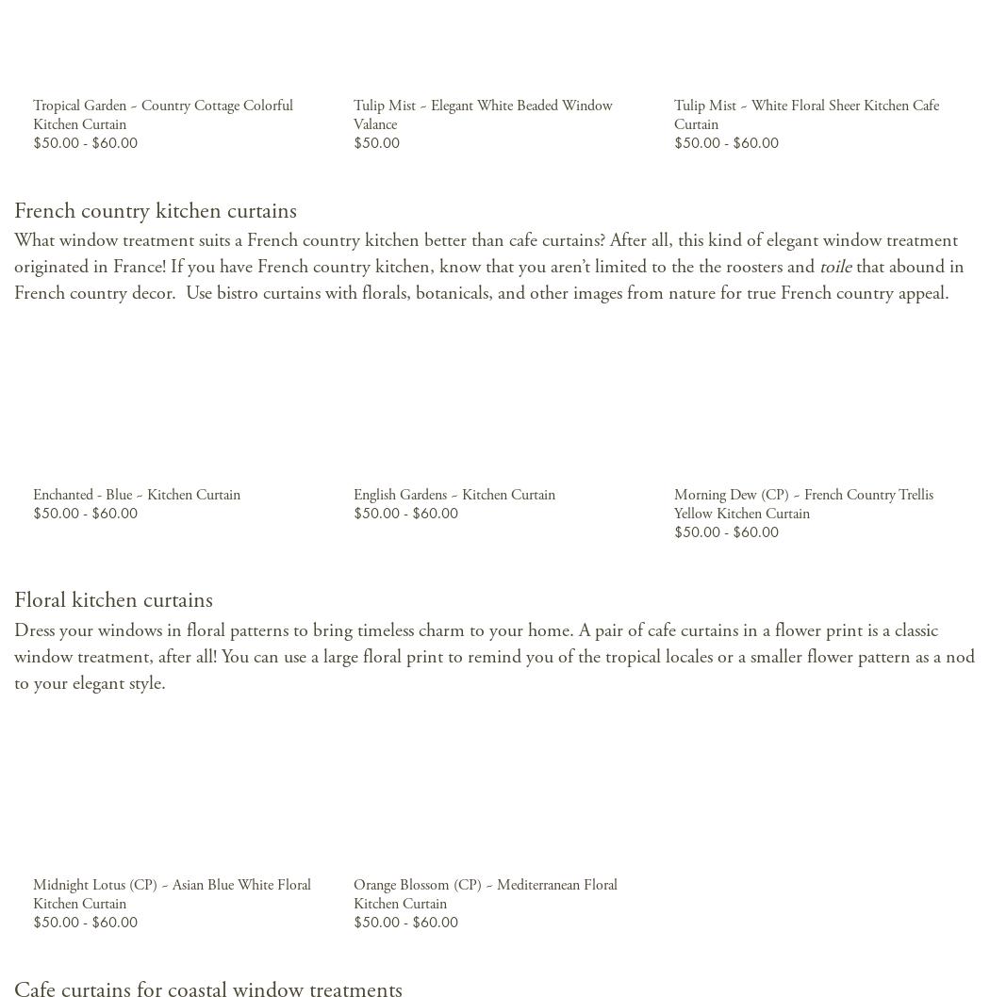  Describe the element at coordinates (493, 656) in the screenshot. I see `'Dress your windows in floral patterns to bring timeless charm to your home. A pair of cafe curtains in a flower print is a classic window treatment, after all! You can use a large floral print to remind you of the tropical locales or a smaller flower pattern as a nod to your elegant style.'` at that location.